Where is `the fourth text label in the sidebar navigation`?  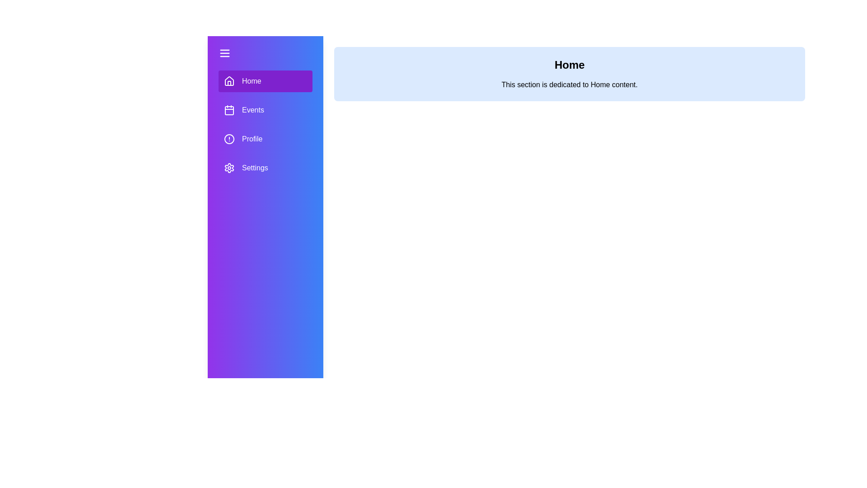
the fourth text label in the sidebar navigation is located at coordinates (254, 168).